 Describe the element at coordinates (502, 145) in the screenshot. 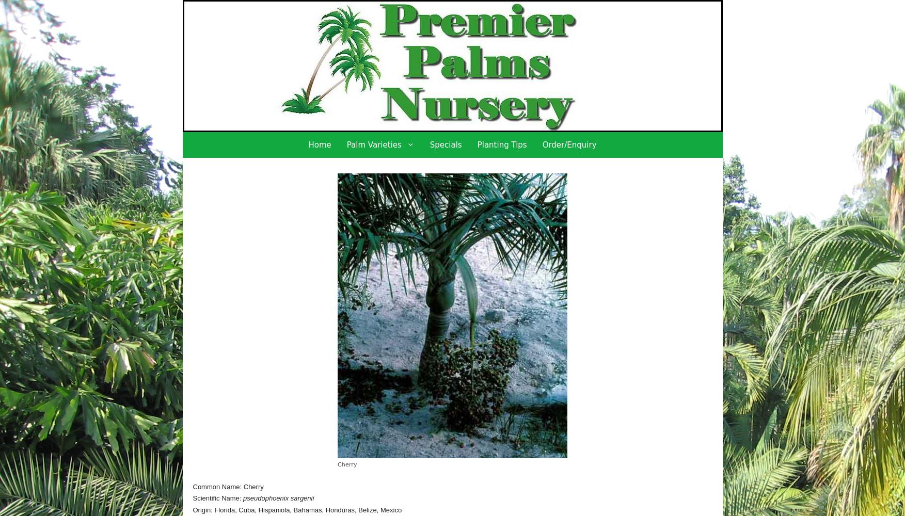

I see `'Planting Tips'` at that location.